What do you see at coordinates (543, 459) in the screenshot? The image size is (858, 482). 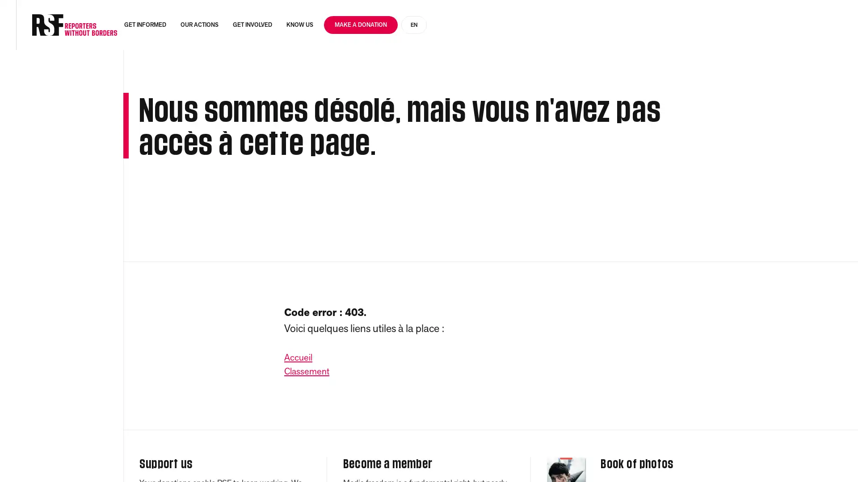 I see `Accept everything` at bounding box center [543, 459].